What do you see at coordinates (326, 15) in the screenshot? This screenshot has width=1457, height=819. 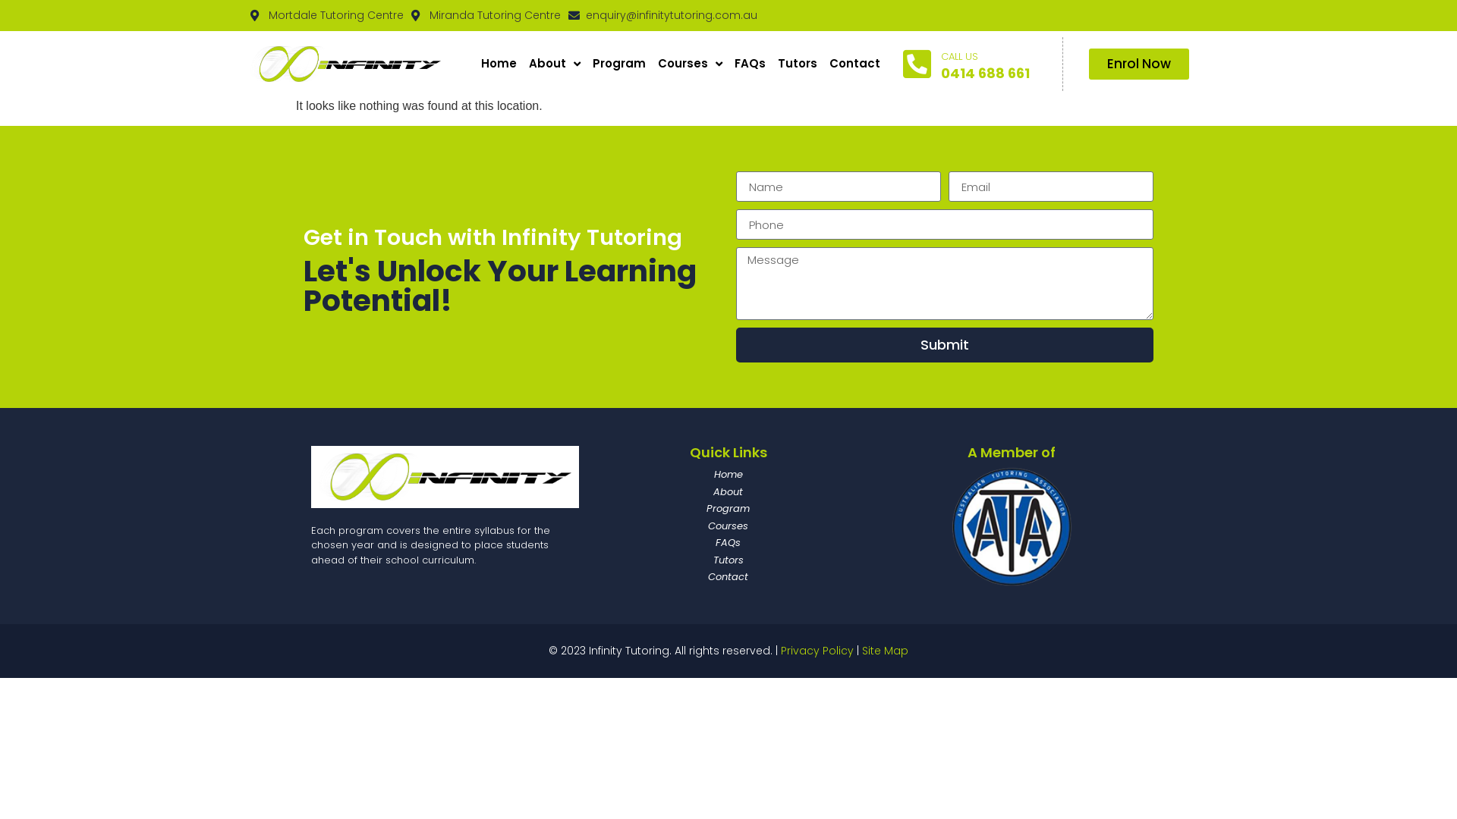 I see `'Mortdale Tutoring Centre'` at bounding box center [326, 15].